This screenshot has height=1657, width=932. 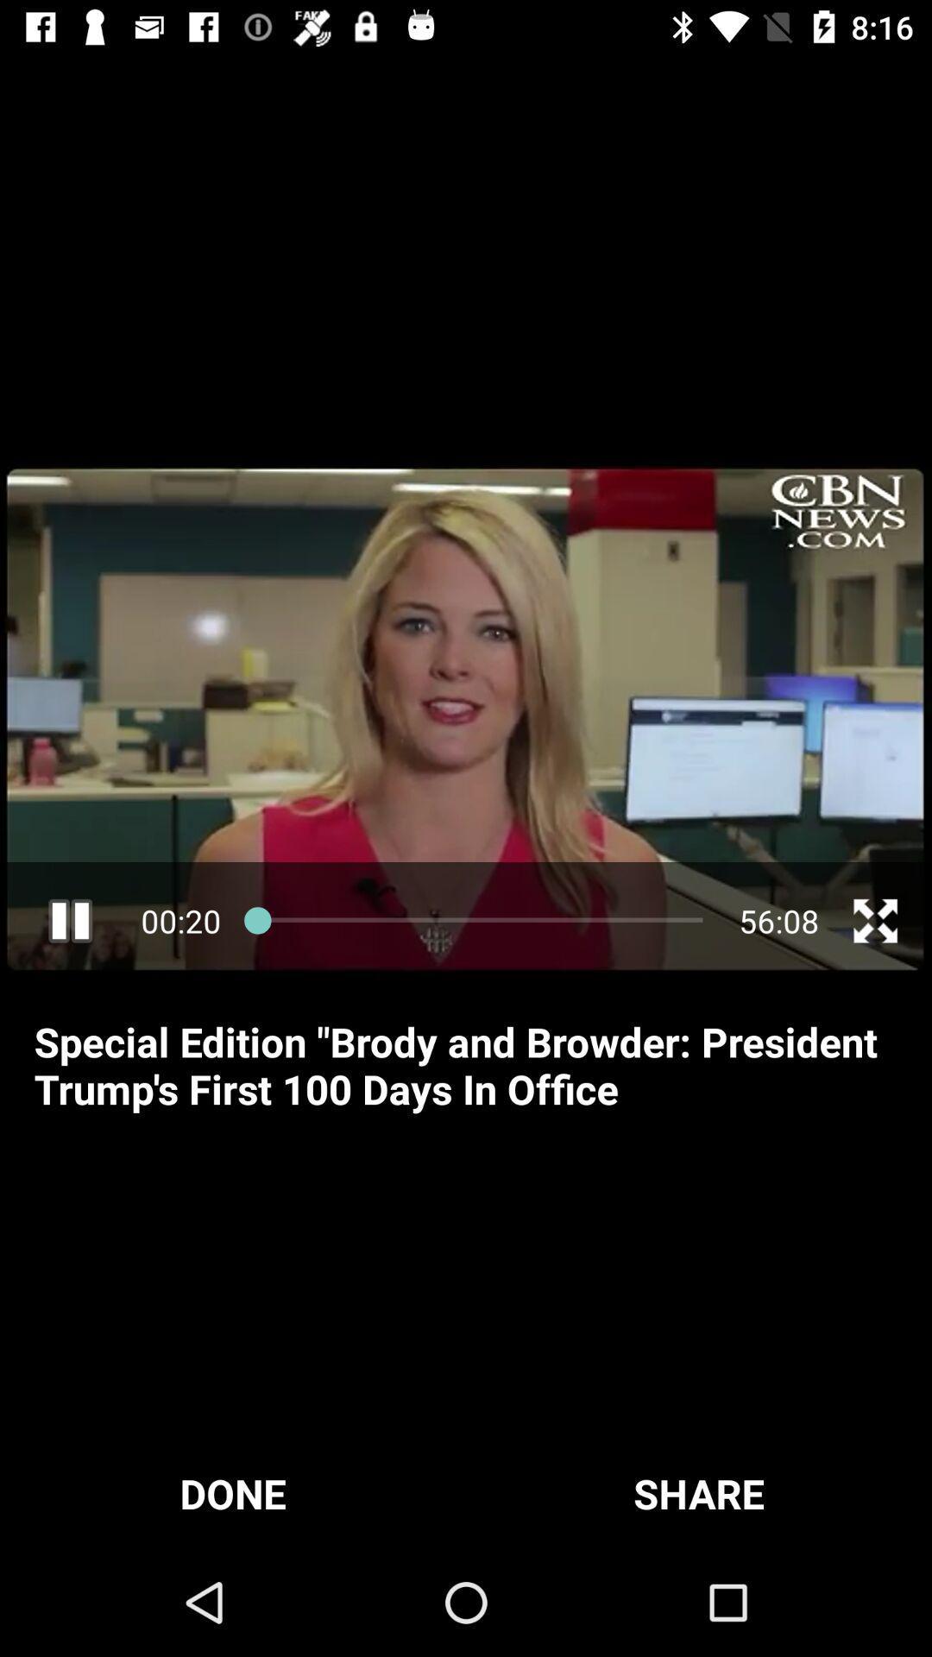 What do you see at coordinates (69, 920) in the screenshot?
I see `pause` at bounding box center [69, 920].